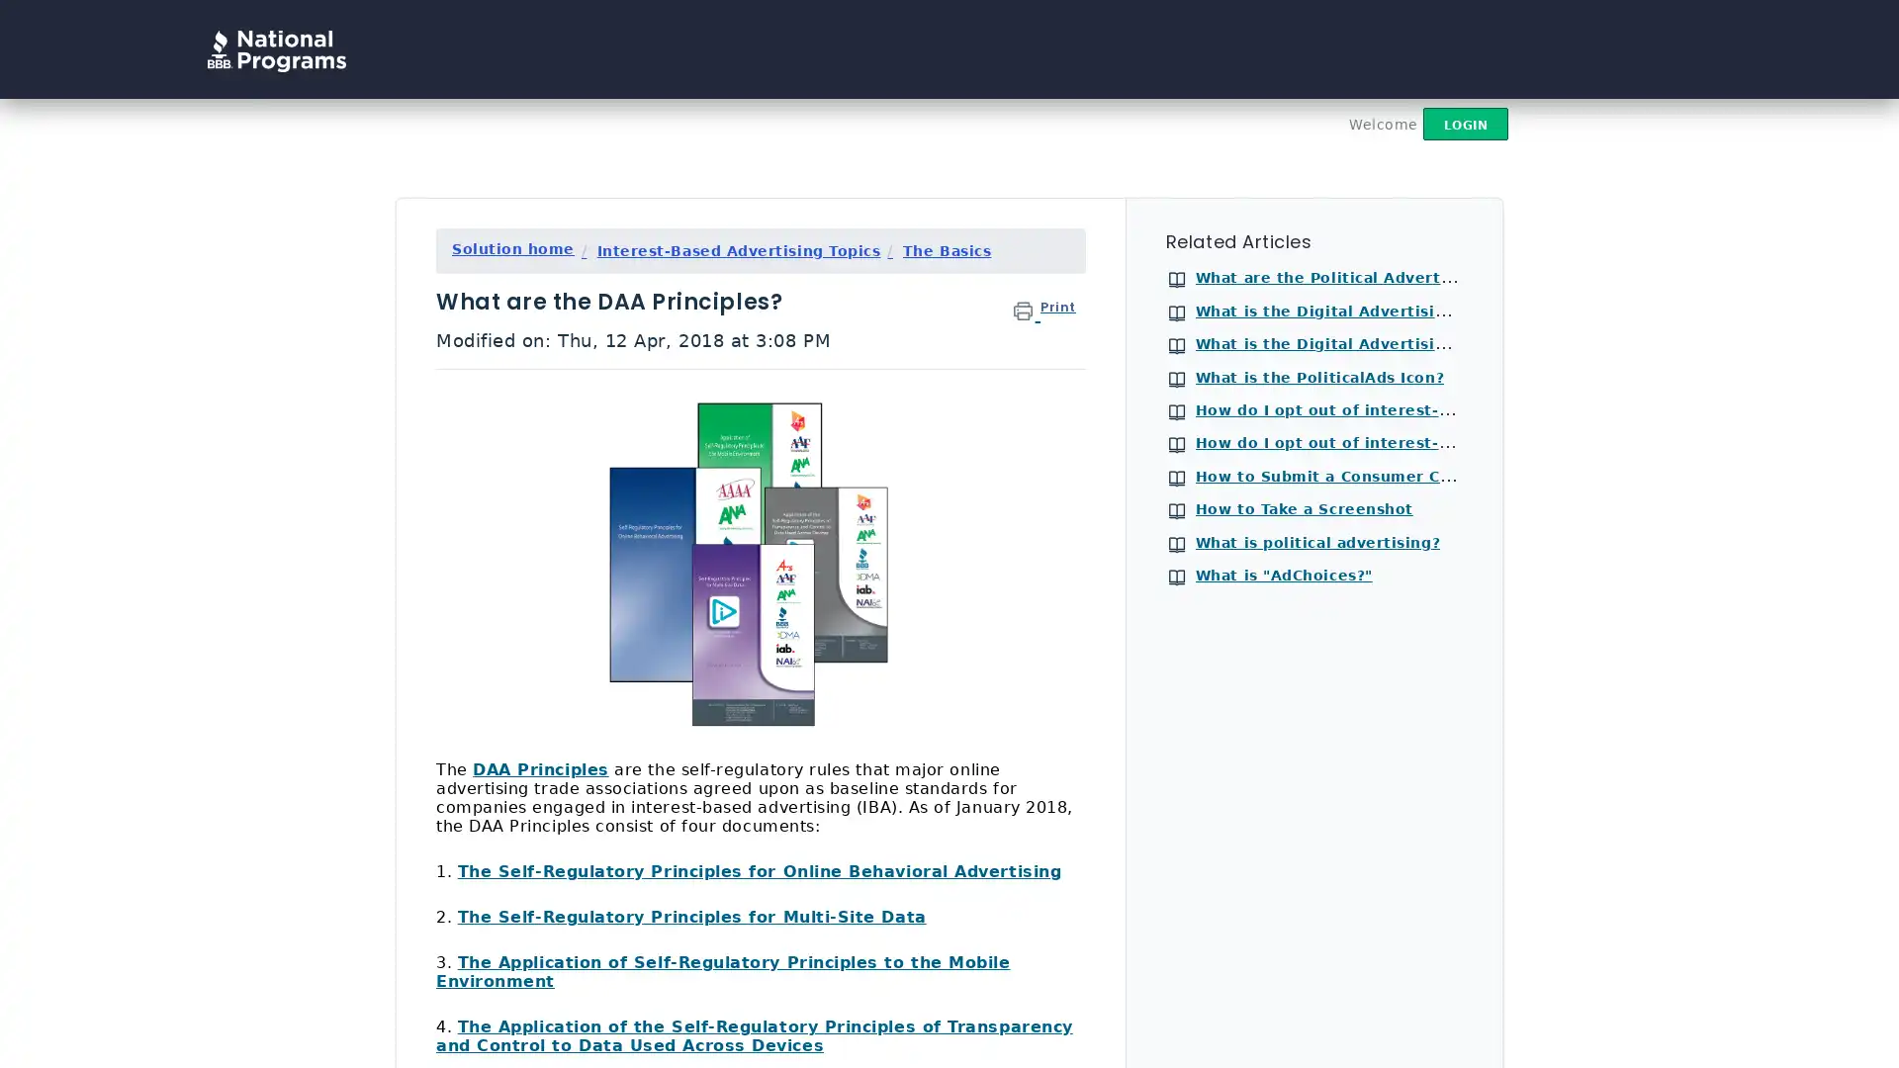 This screenshot has width=1899, height=1068. What do you see at coordinates (436, 74) in the screenshot?
I see `Search` at bounding box center [436, 74].